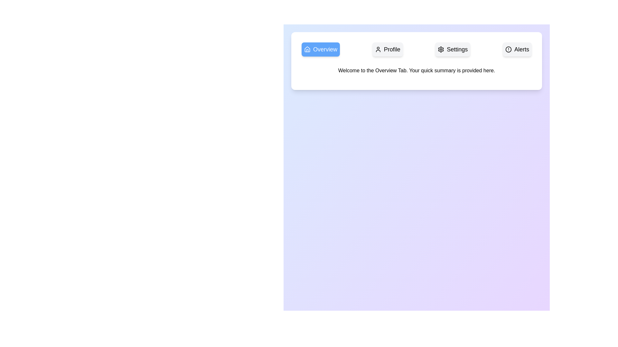 This screenshot has height=347, width=618. I want to click on the 'Settings' button, which has a gear icon and a gray background, so click(452, 49).